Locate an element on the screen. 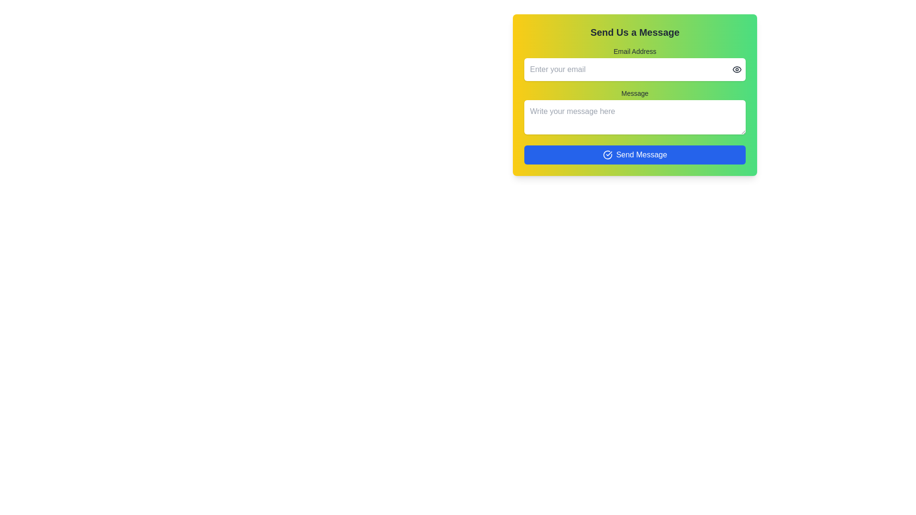 Image resolution: width=916 pixels, height=515 pixels. the checkmark icon inside the blue 'Send Message' button located at the bottom of the form is located at coordinates (607, 154).